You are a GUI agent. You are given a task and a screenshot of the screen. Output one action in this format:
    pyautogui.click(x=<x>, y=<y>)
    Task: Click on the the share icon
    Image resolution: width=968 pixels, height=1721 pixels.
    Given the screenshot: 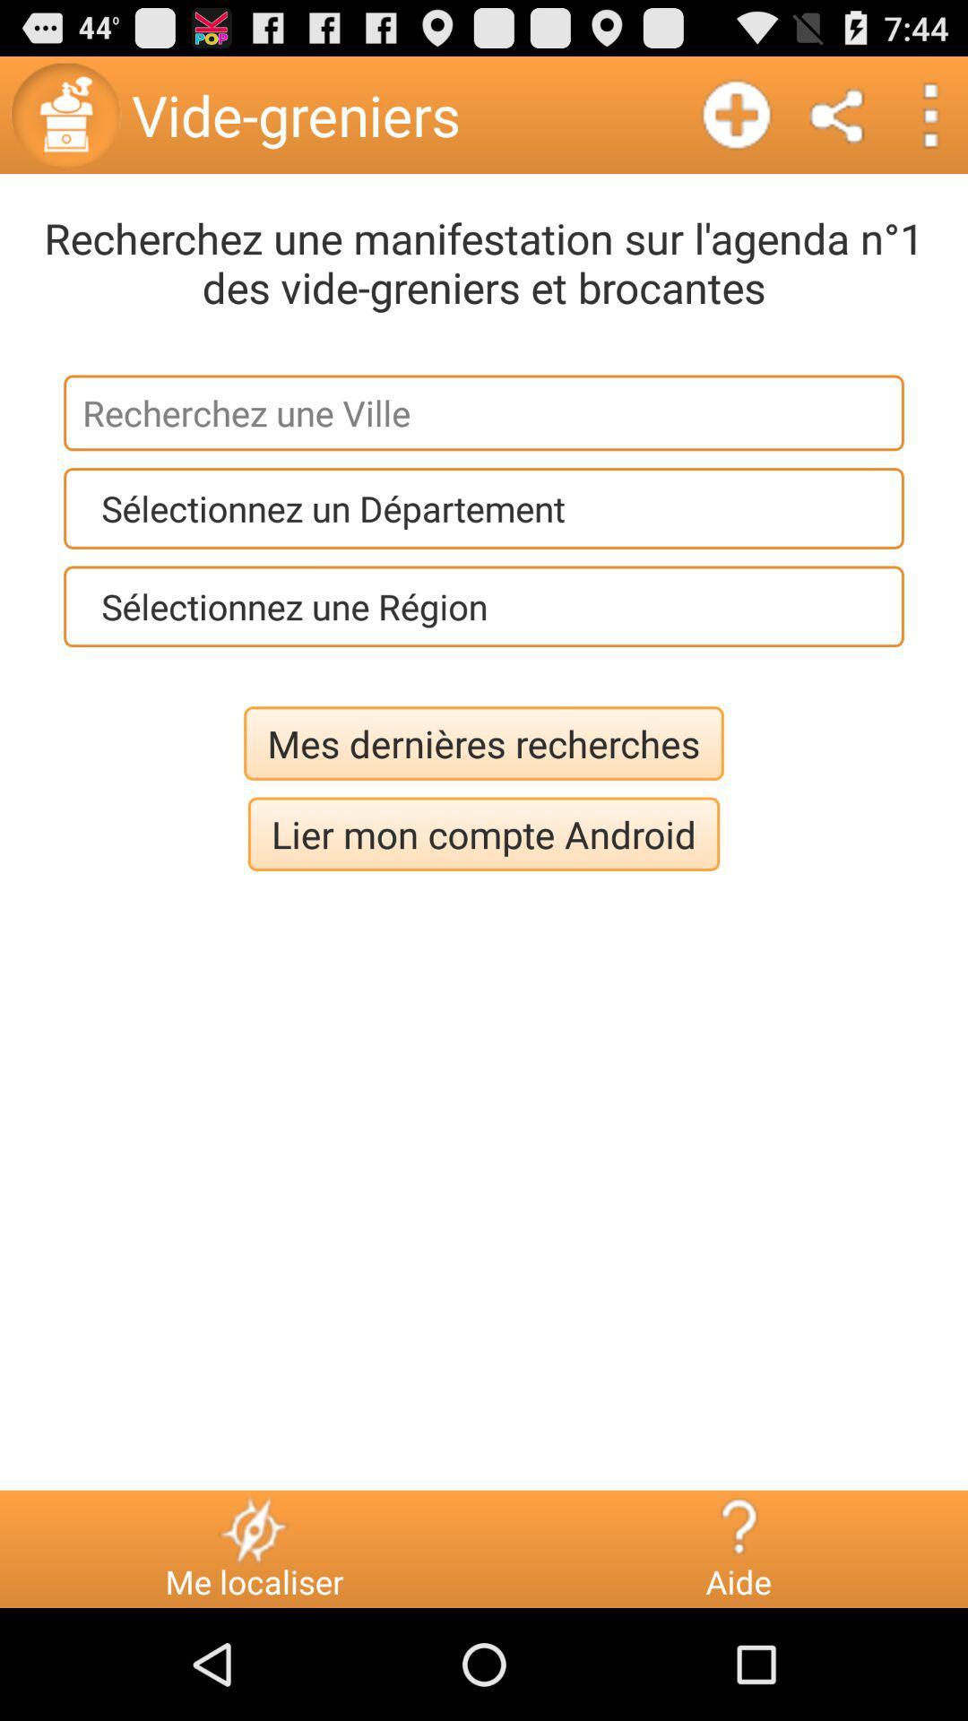 What is the action you would take?
    pyautogui.click(x=838, y=122)
    